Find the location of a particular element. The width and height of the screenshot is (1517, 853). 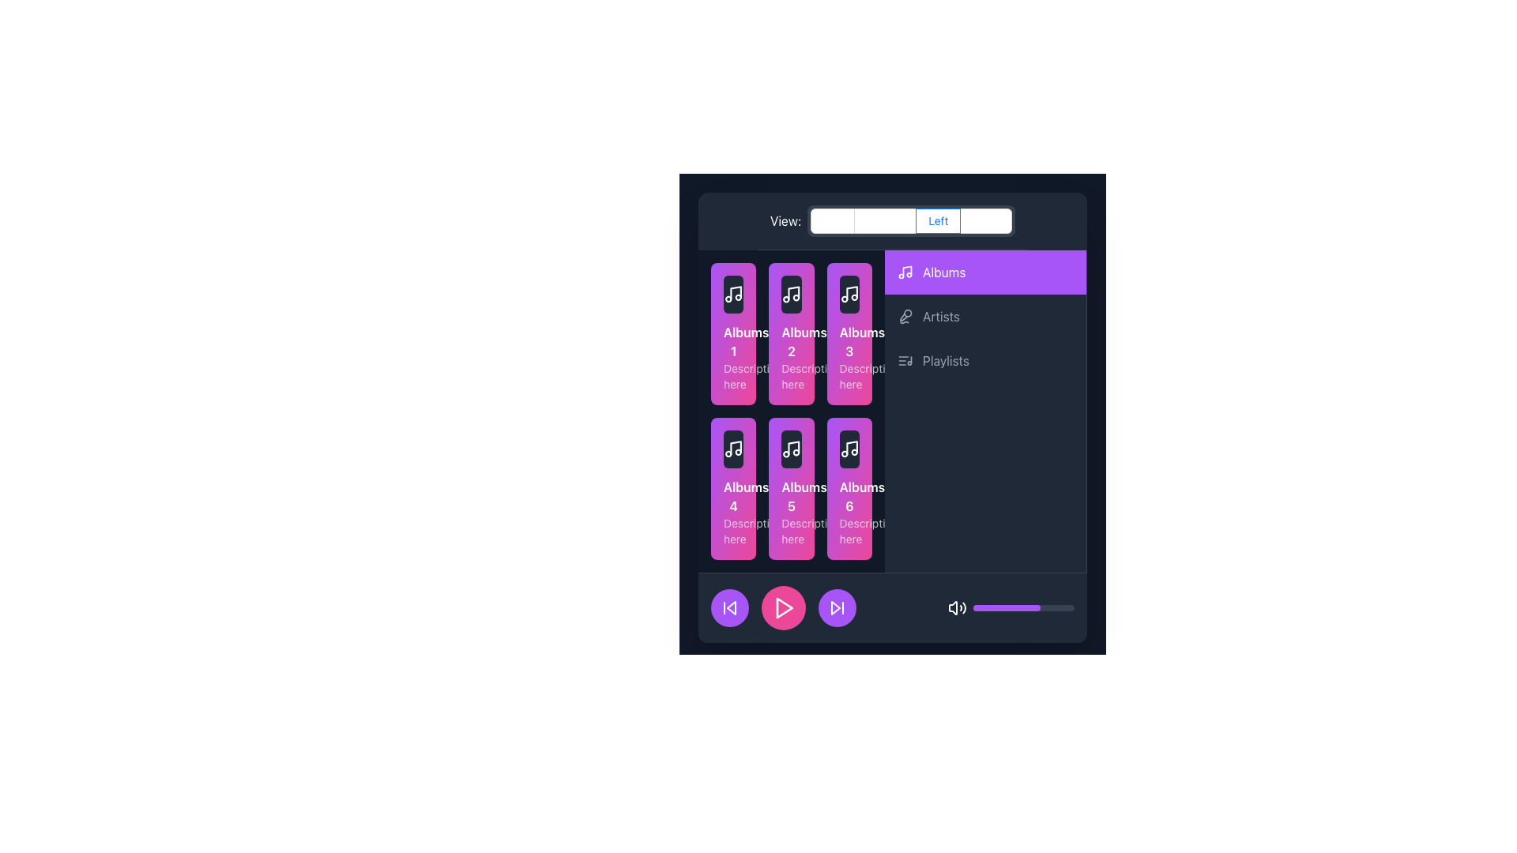

the radio button is located at coordinates (985, 221).